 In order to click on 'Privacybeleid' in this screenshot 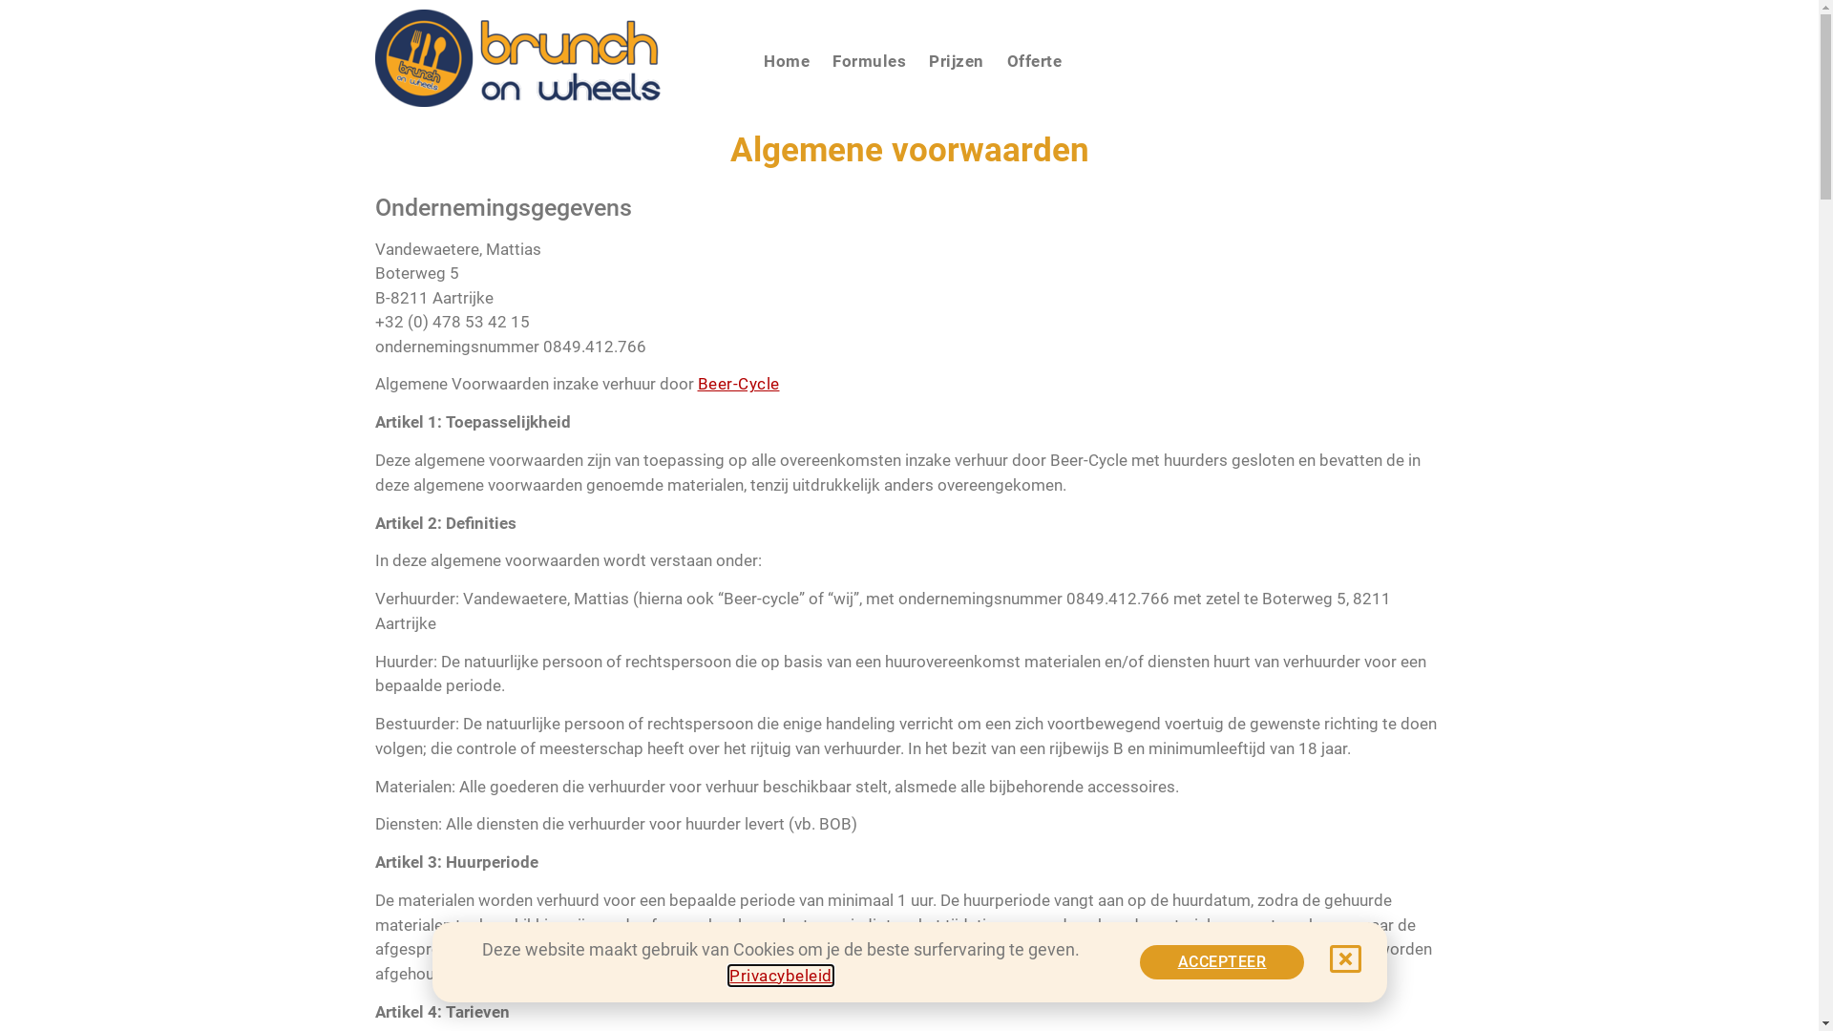, I will do `click(780, 976)`.